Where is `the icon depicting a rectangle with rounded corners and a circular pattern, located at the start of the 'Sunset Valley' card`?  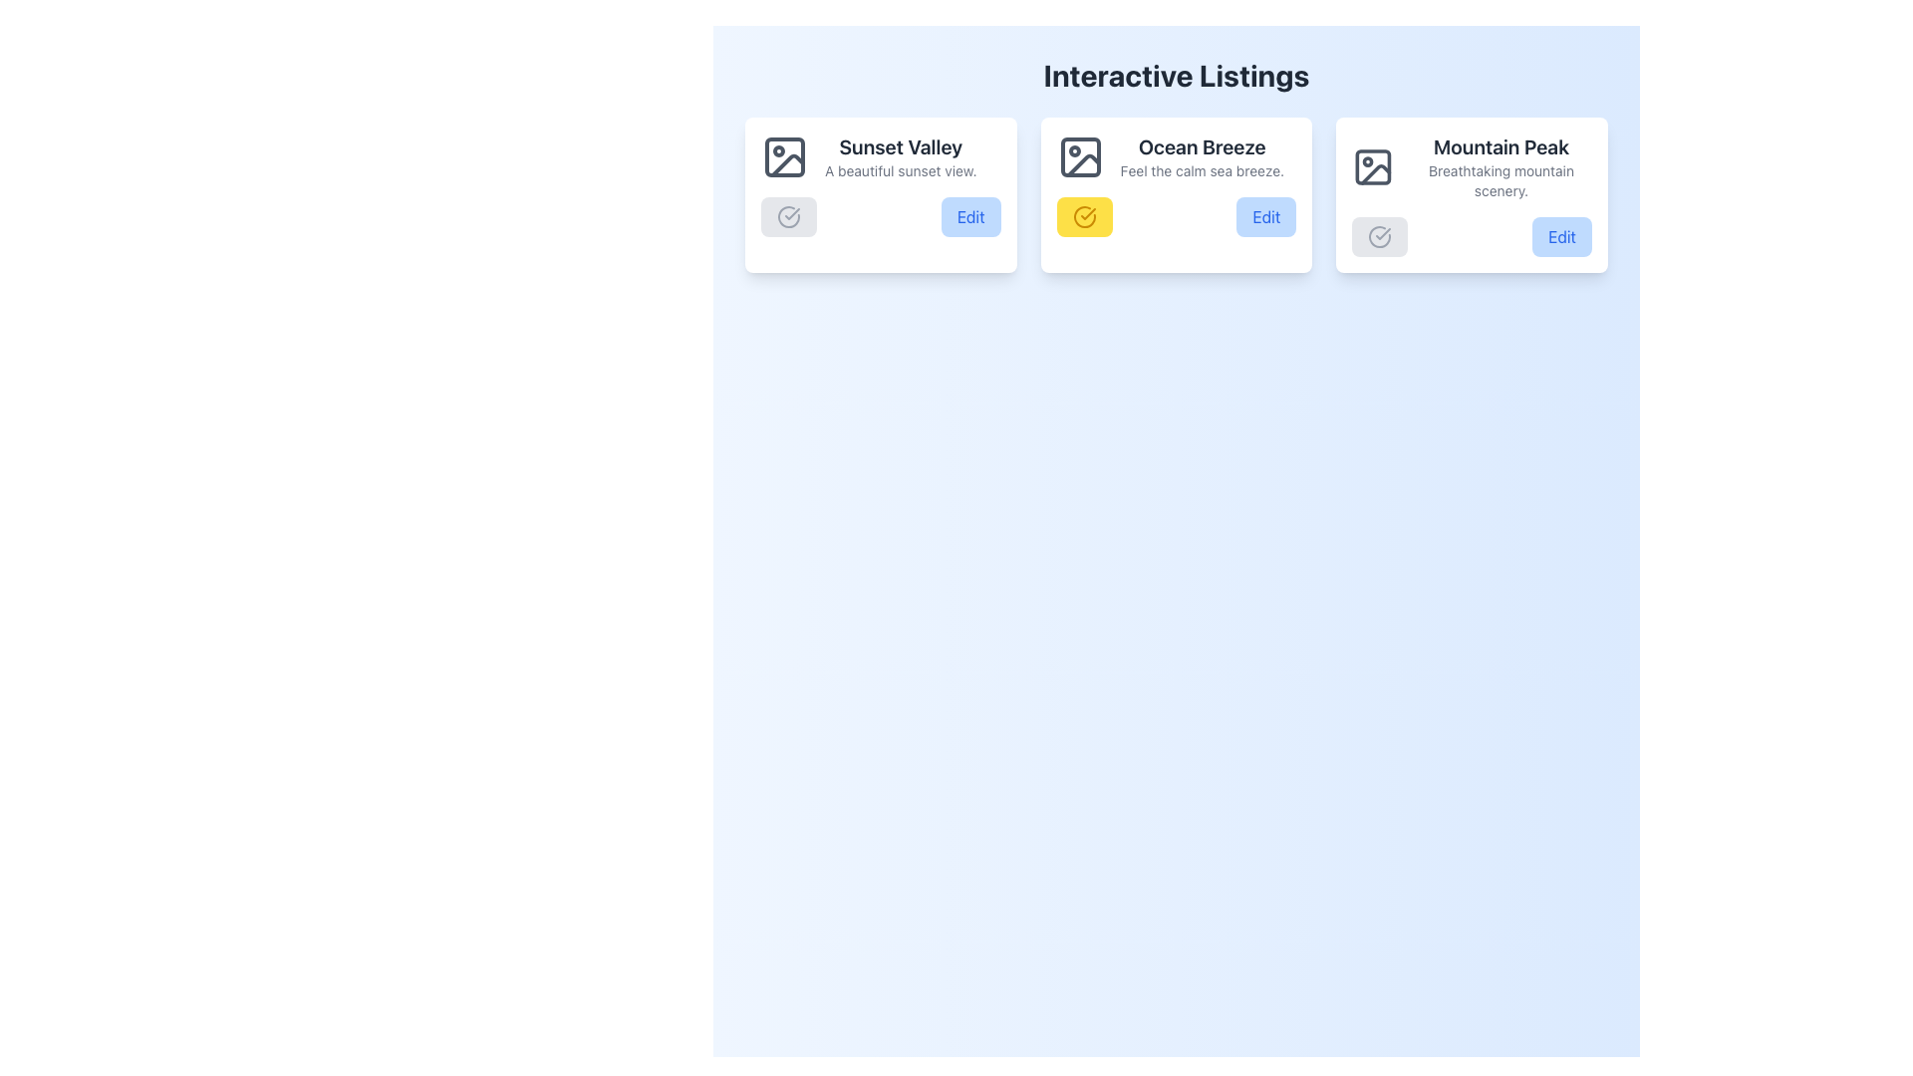 the icon depicting a rectangle with rounded corners and a circular pattern, located at the start of the 'Sunset Valley' card is located at coordinates (783, 156).